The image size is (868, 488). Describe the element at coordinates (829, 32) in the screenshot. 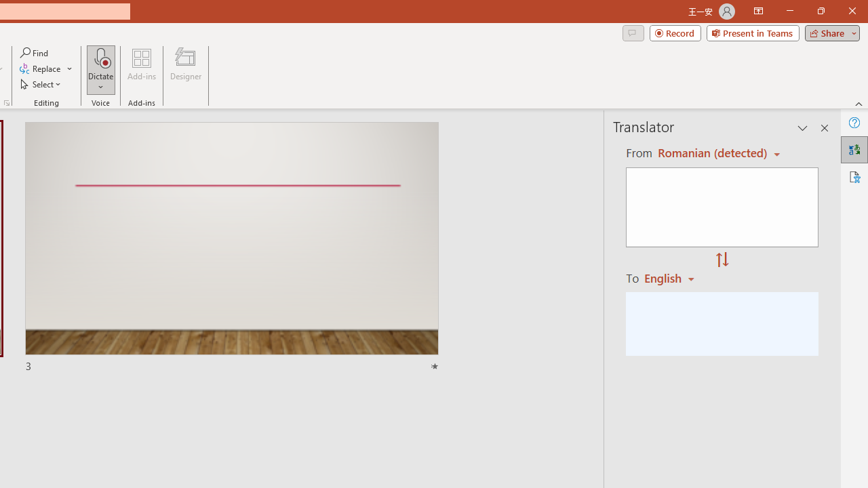

I see `'Share'` at that location.